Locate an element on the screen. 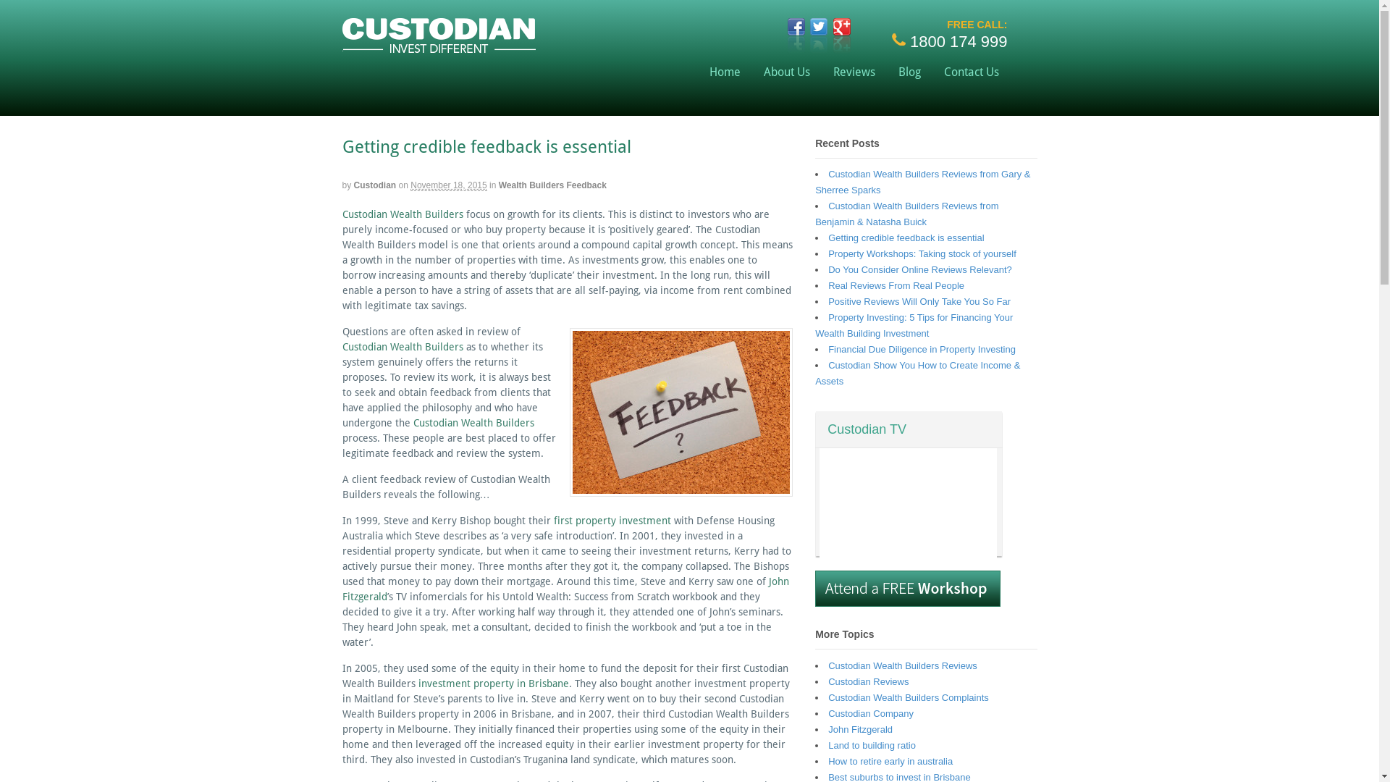  'Do You Consider Online Reviews Relevant?' is located at coordinates (919, 269).